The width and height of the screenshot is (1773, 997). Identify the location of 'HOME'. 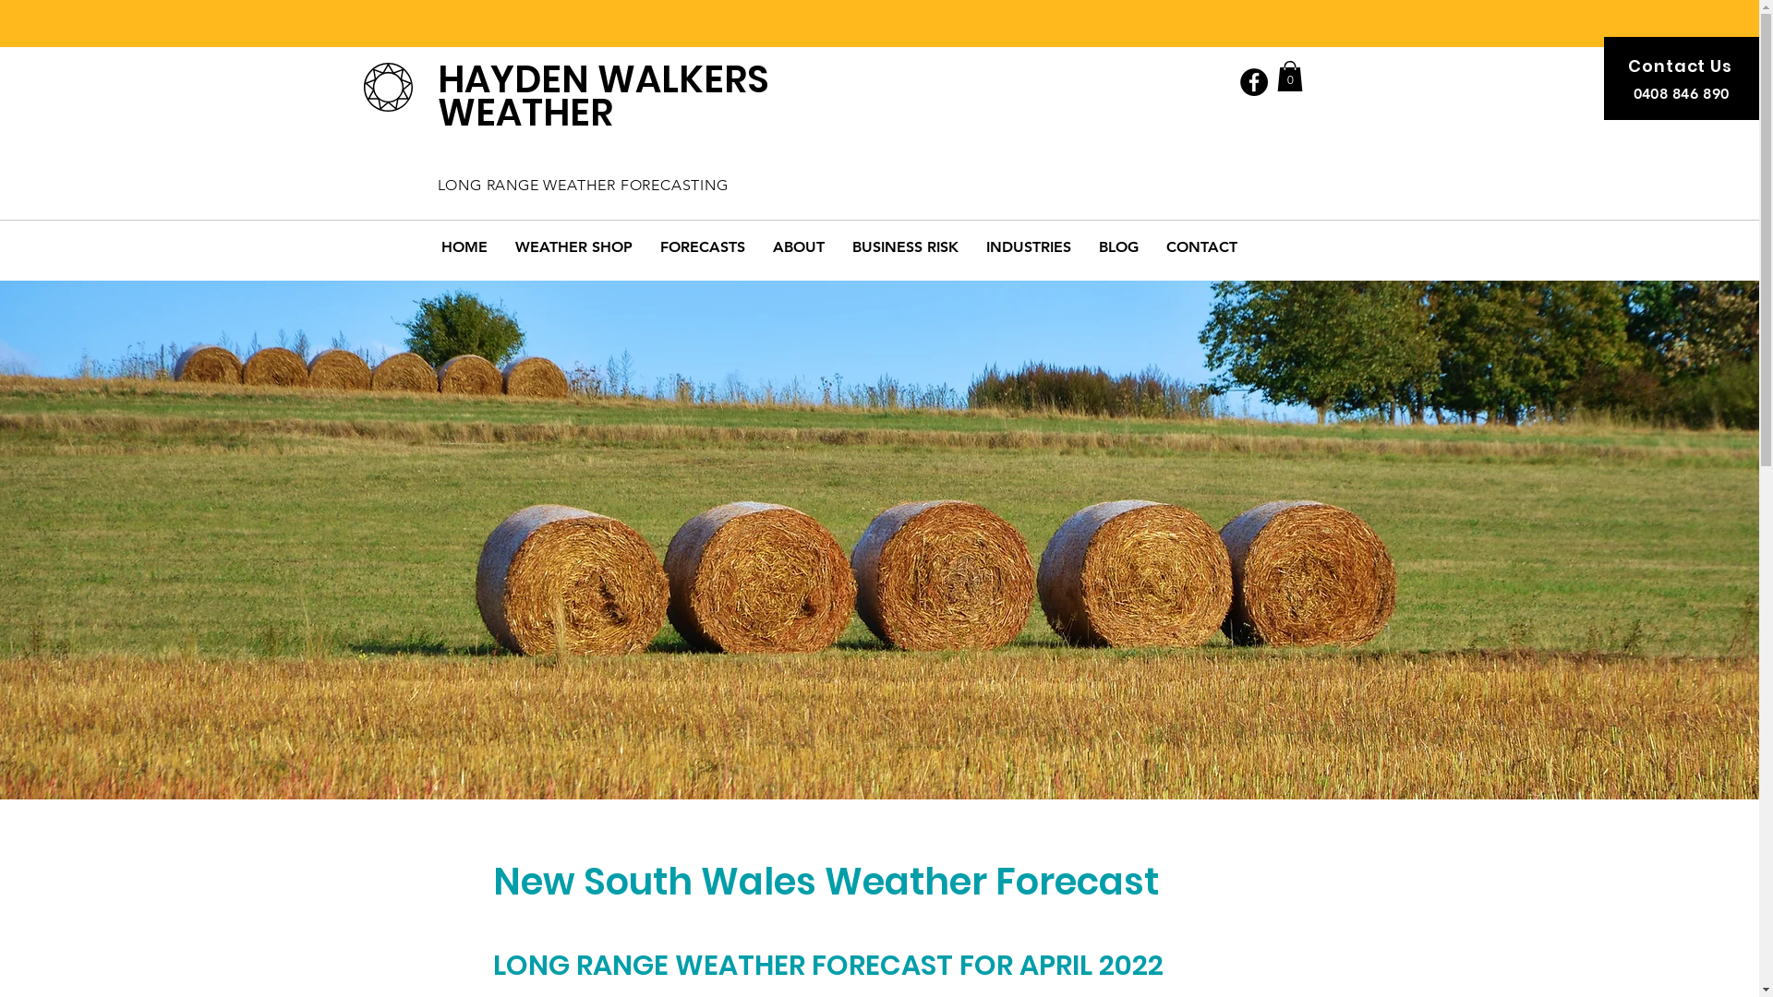
(464, 246).